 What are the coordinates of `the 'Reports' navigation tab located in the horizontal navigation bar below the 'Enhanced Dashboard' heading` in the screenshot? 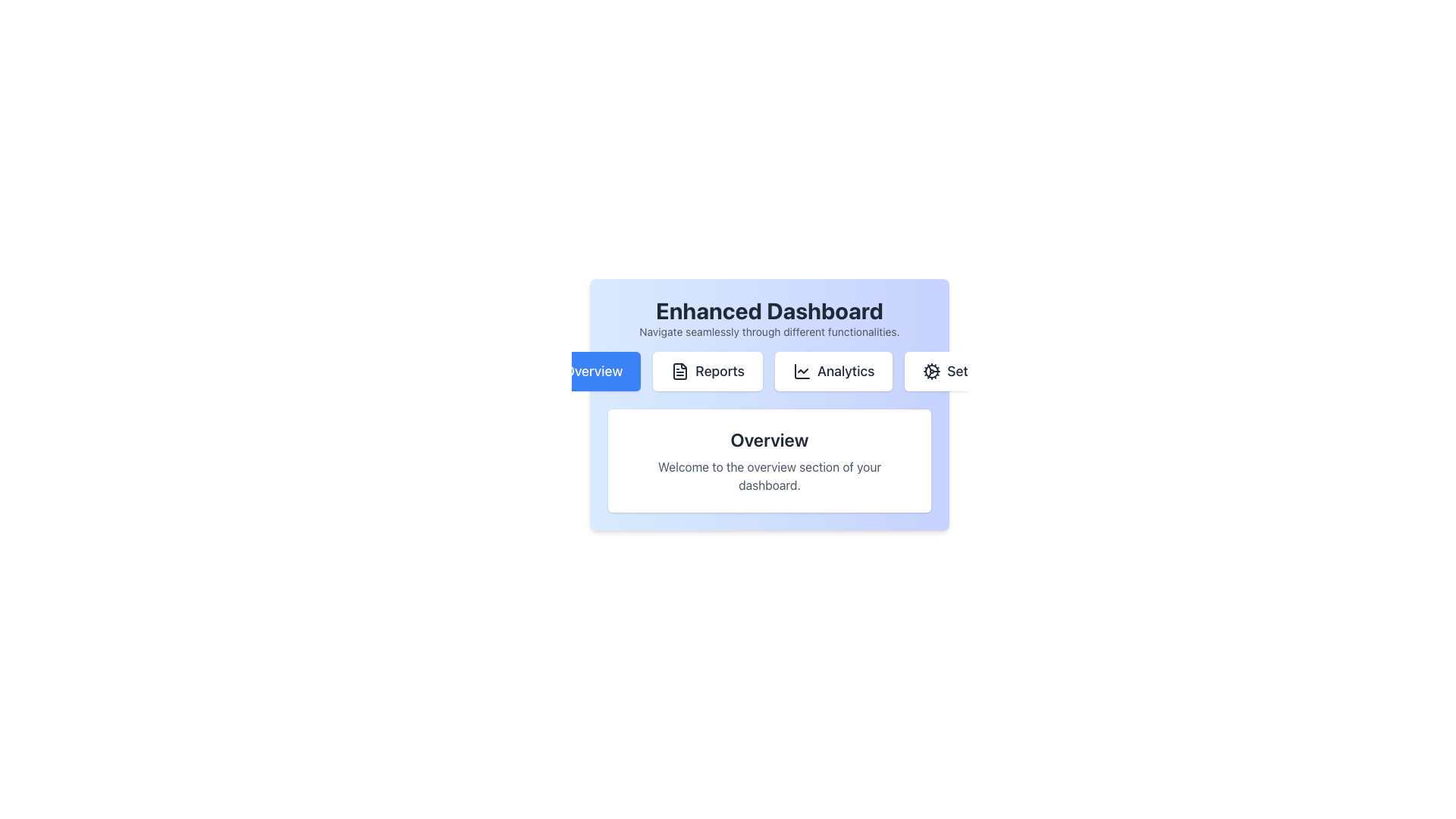 It's located at (719, 371).